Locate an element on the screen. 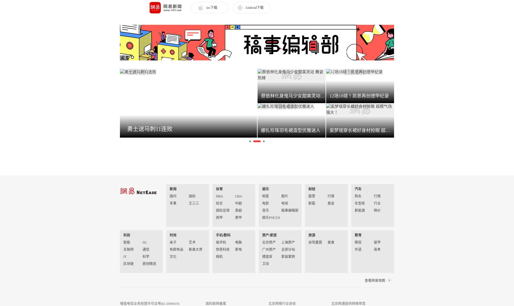 Image resolution: width=514 pixels, height=306 pixels. '网易公布2023年第一季度财报' is located at coordinates (122, 146).